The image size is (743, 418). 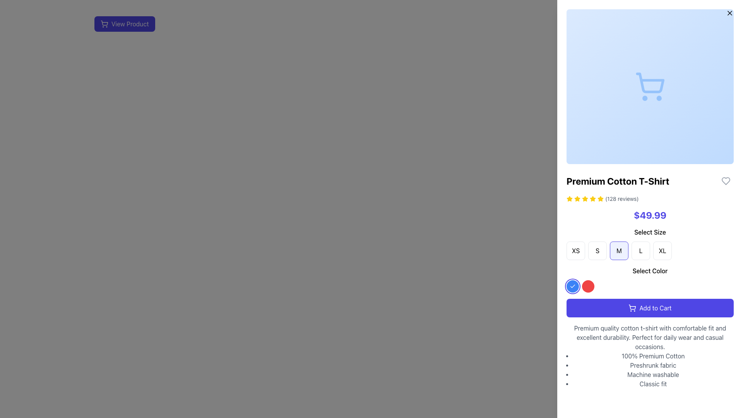 What do you see at coordinates (650, 270) in the screenshot?
I see `the 'Select Color' label, which is styled in medium-weight font and is located centrally above the color selection options` at bounding box center [650, 270].